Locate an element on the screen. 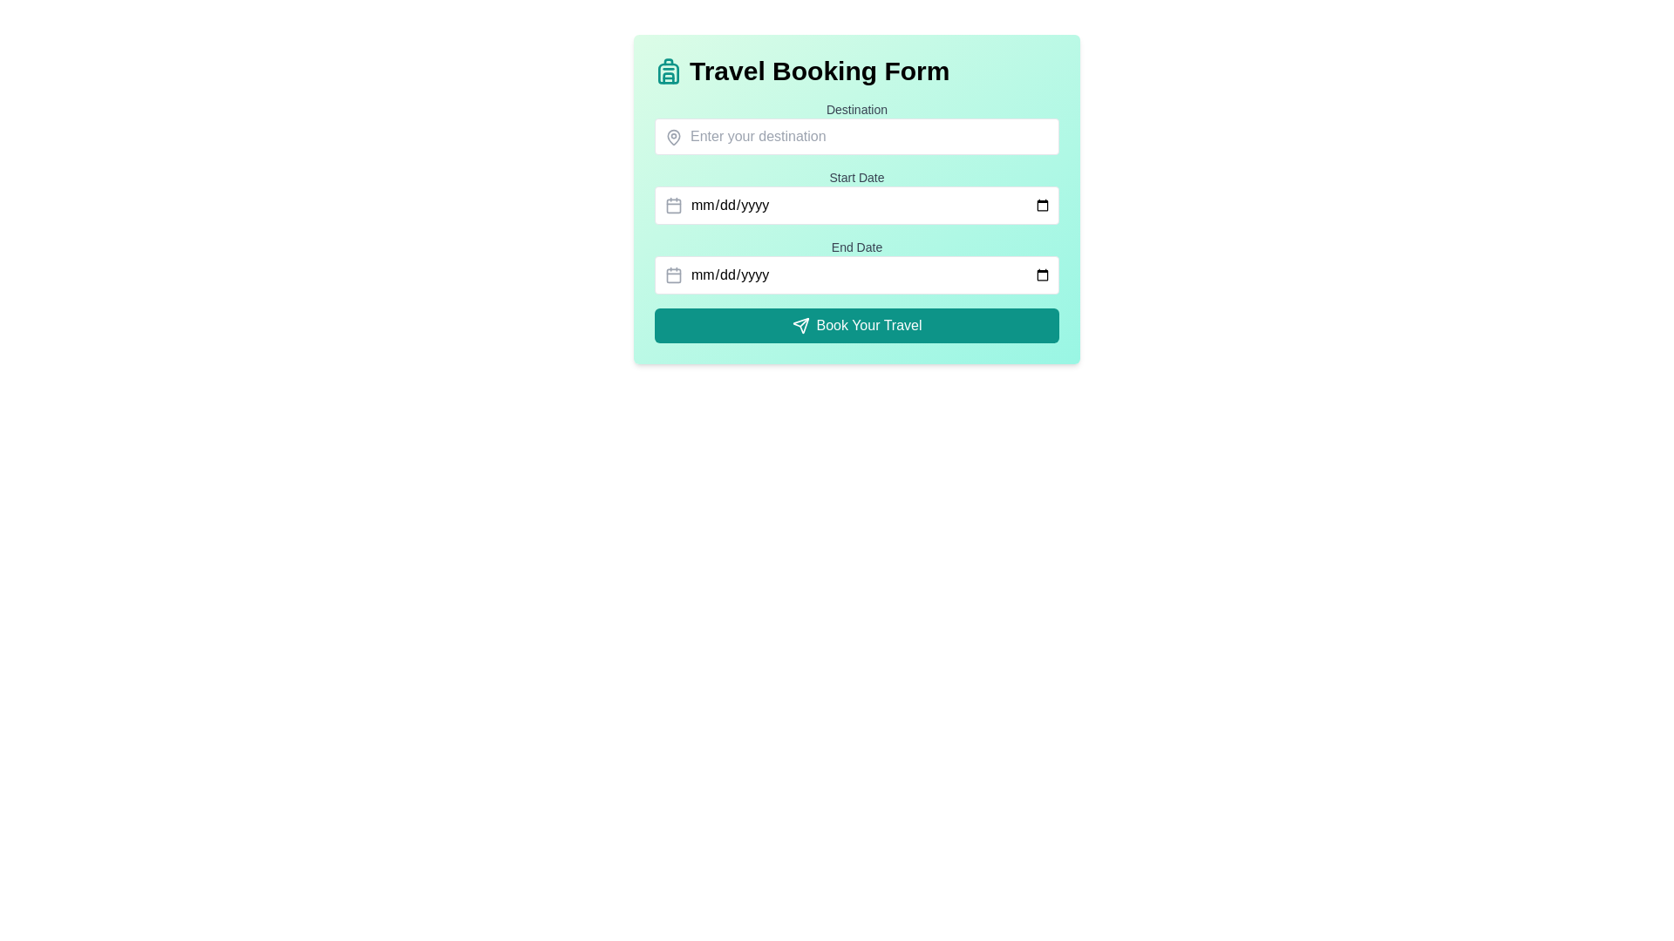 The width and height of the screenshot is (1674, 941). the label indicating the end date in the travel booking form, which is centrally aligned above the end date input field is located at coordinates (857, 247).